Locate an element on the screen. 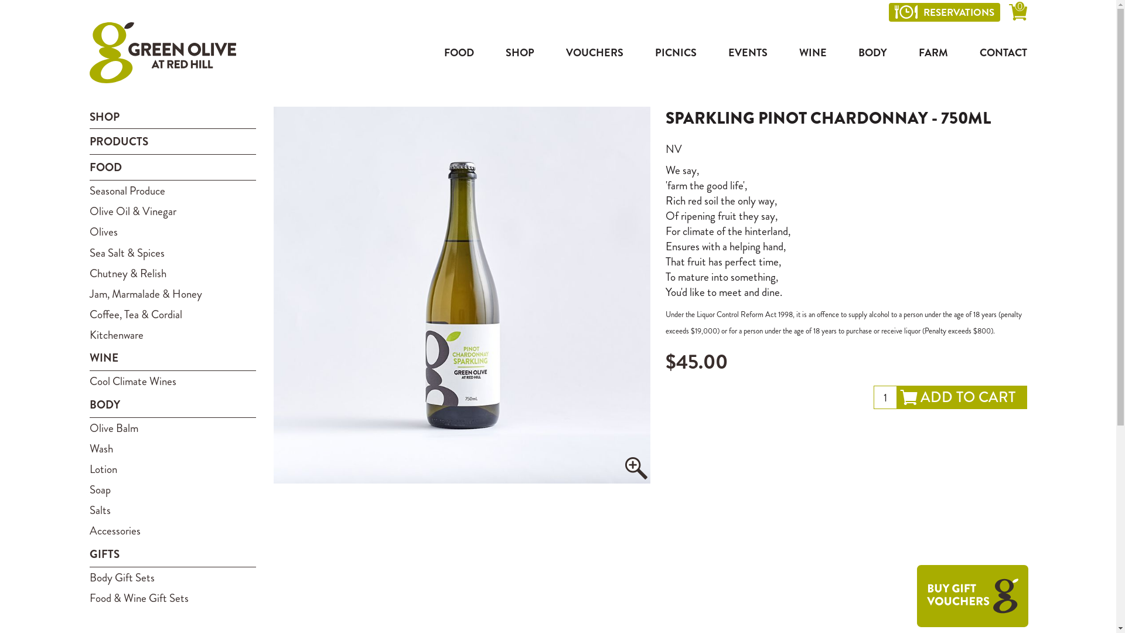 This screenshot has width=1125, height=633. 'Soap' is located at coordinates (172, 489).